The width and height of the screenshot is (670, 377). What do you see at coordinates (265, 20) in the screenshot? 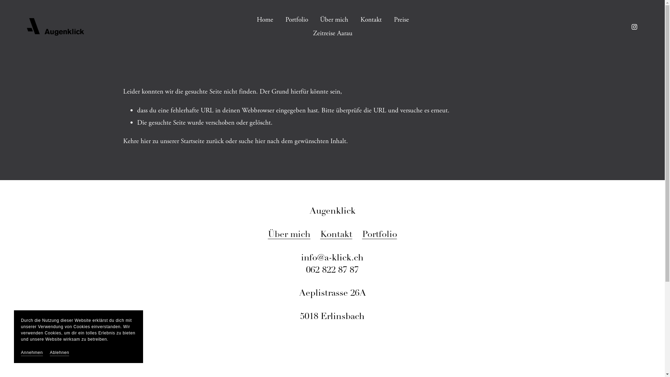
I see `'Home'` at bounding box center [265, 20].